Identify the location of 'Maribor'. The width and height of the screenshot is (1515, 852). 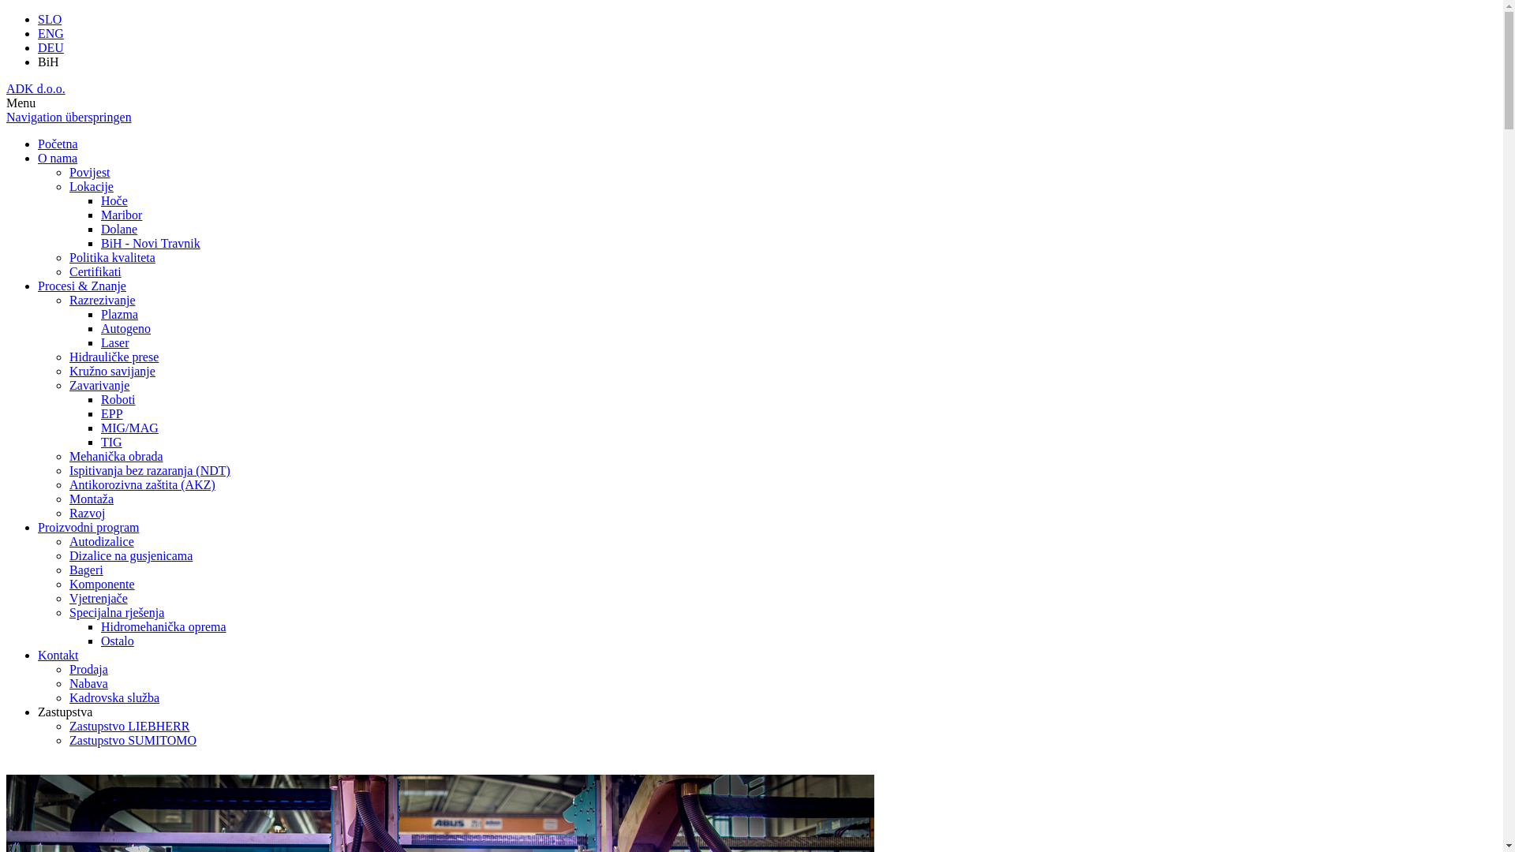
(100, 215).